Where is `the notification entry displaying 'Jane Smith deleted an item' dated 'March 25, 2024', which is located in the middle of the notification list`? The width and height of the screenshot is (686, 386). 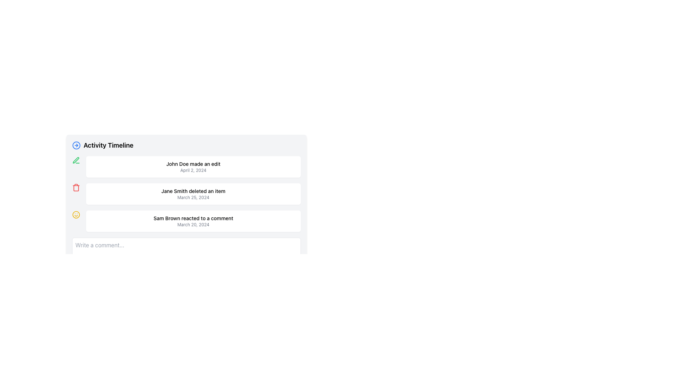 the notification entry displaying 'Jane Smith deleted an item' dated 'March 25, 2024', which is located in the middle of the notification list is located at coordinates (187, 194).